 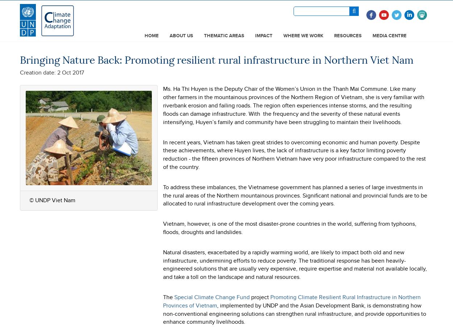 What do you see at coordinates (295, 264) in the screenshot?
I see `'Natural disasters, exacerbated by a rapidly warming world, are likely to impact both old and new infrastructure, undermining efforts to reduce poverty. The traditional response has been heavily-engineered solutions that are usually very expensive, require expertise and material not available locally, and take a toll on the landscape and natural resources.'` at bounding box center [295, 264].